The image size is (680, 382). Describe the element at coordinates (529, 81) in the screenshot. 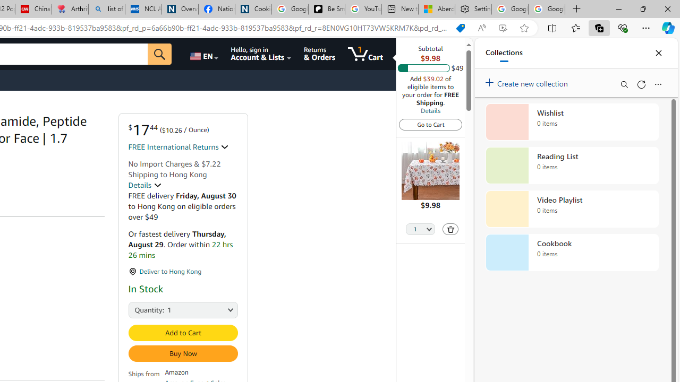

I see `'Create new collection'` at that location.